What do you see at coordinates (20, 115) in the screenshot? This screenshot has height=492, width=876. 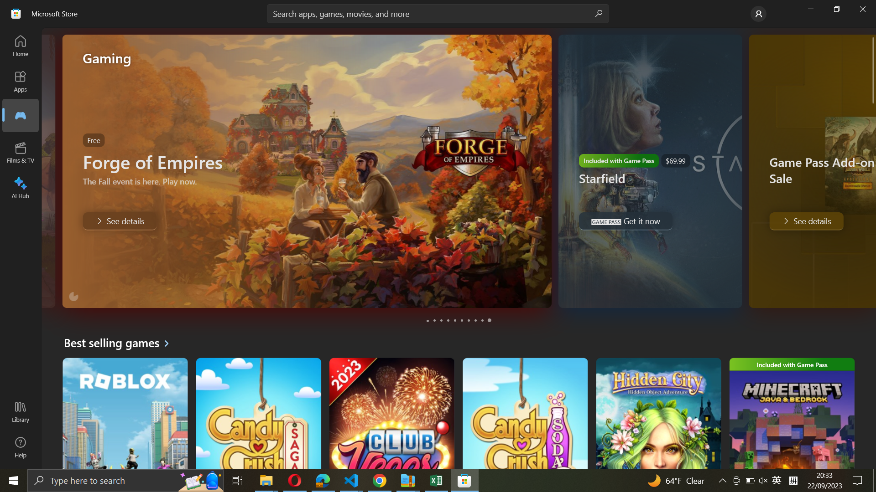 I see `the Games segment` at bounding box center [20, 115].